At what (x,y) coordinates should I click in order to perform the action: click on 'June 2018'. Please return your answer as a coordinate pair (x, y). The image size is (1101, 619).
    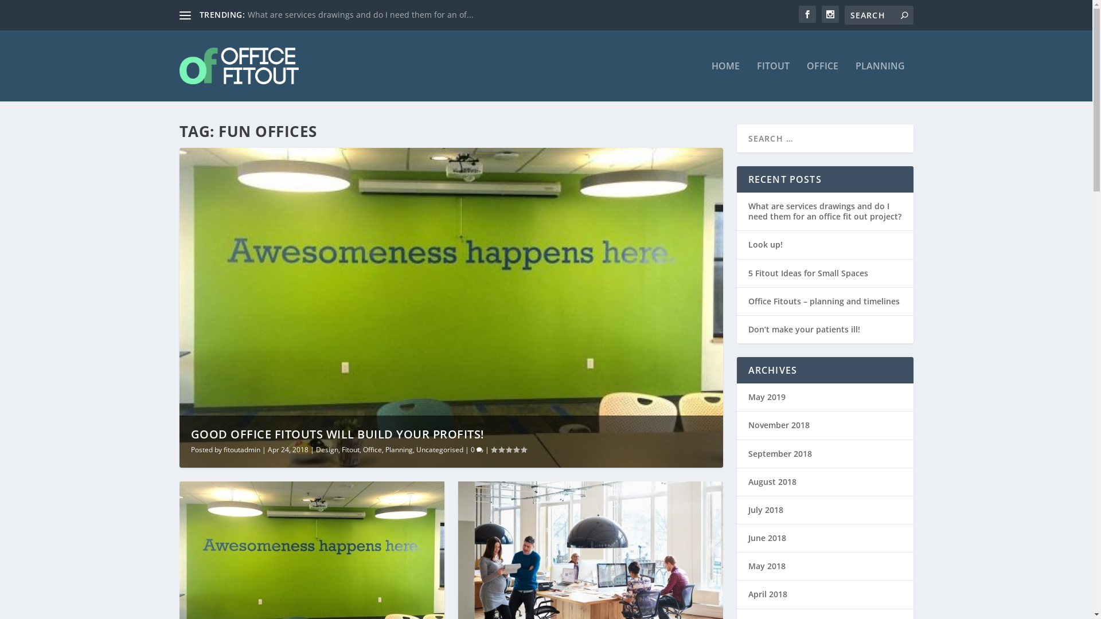
    Looking at the image, I should click on (767, 538).